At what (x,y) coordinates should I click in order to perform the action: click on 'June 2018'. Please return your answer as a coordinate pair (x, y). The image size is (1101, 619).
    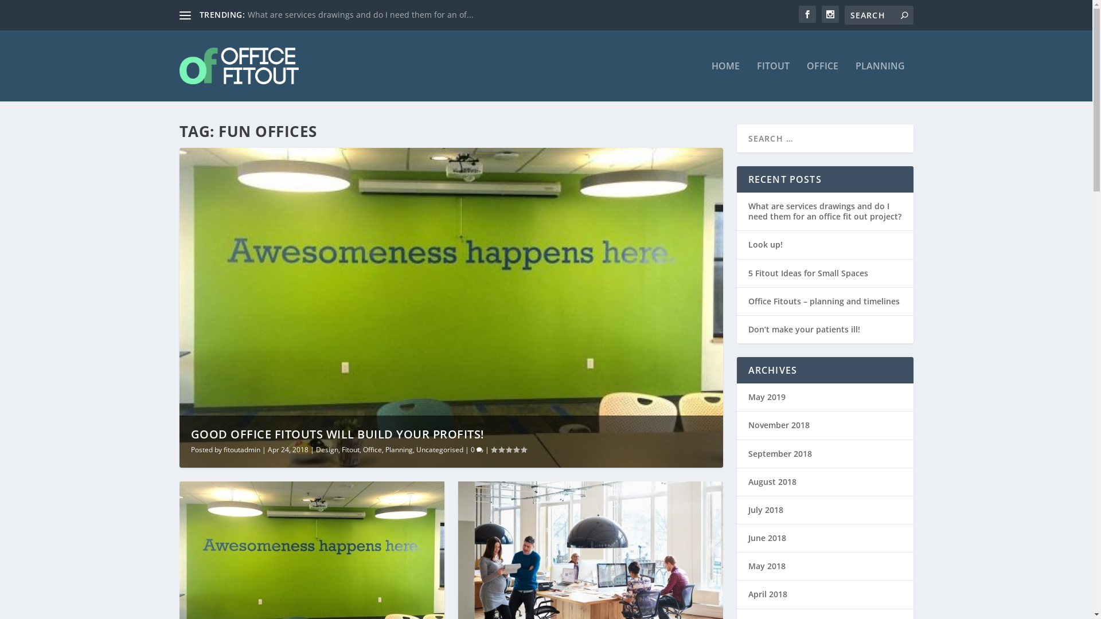
    Looking at the image, I should click on (767, 538).